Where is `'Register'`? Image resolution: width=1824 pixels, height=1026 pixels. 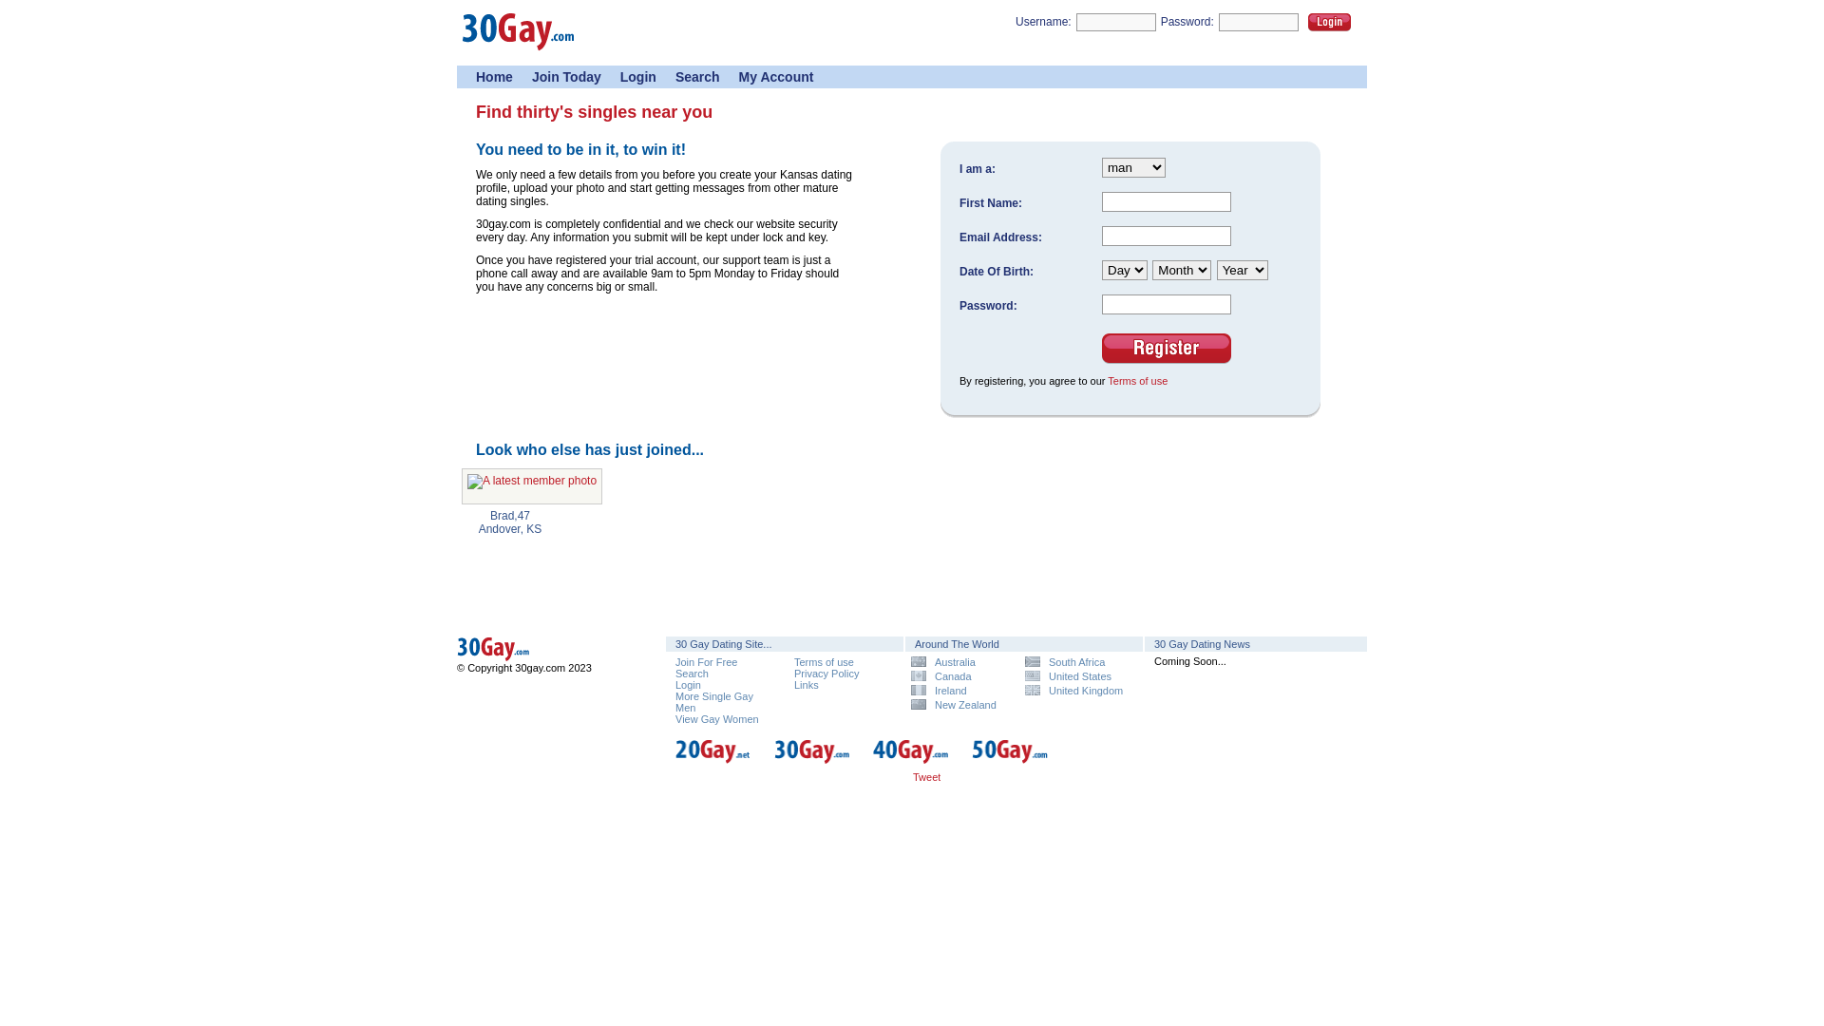
'Register' is located at coordinates (1166, 348).